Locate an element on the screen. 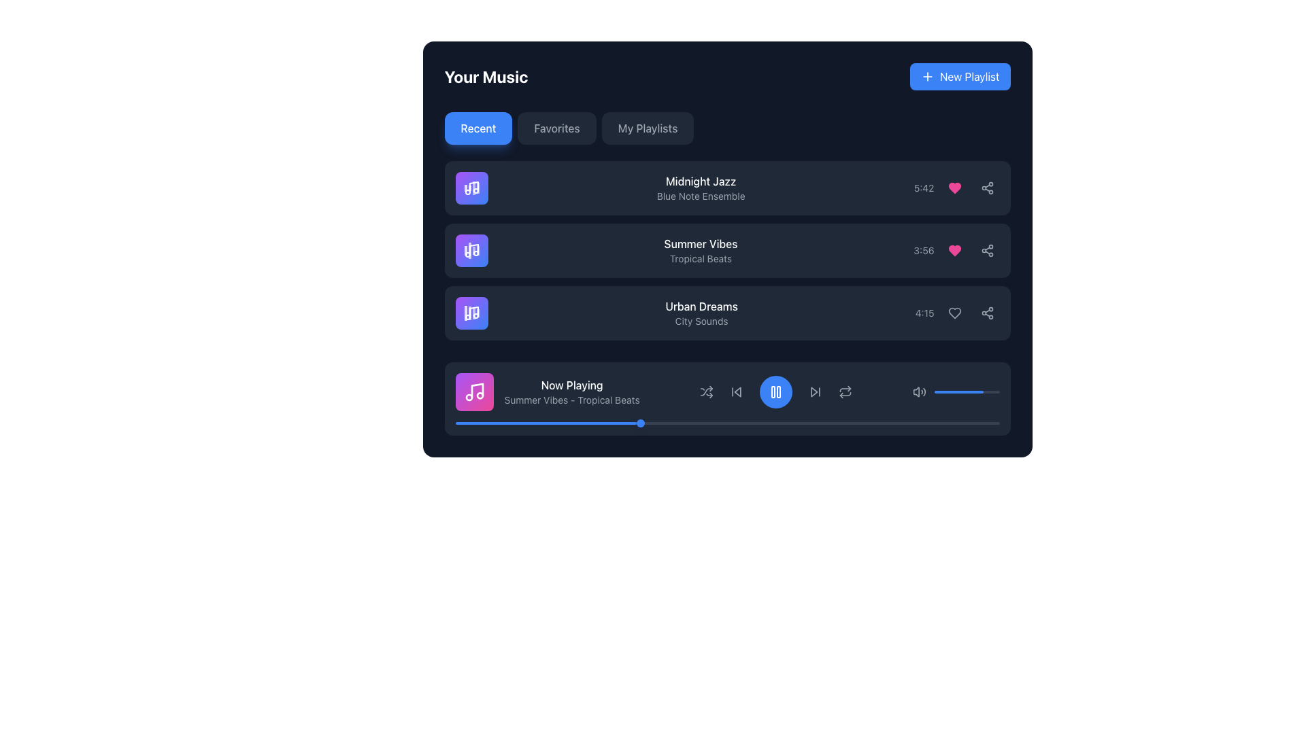 This screenshot has width=1306, height=734. progress is located at coordinates (776, 423).